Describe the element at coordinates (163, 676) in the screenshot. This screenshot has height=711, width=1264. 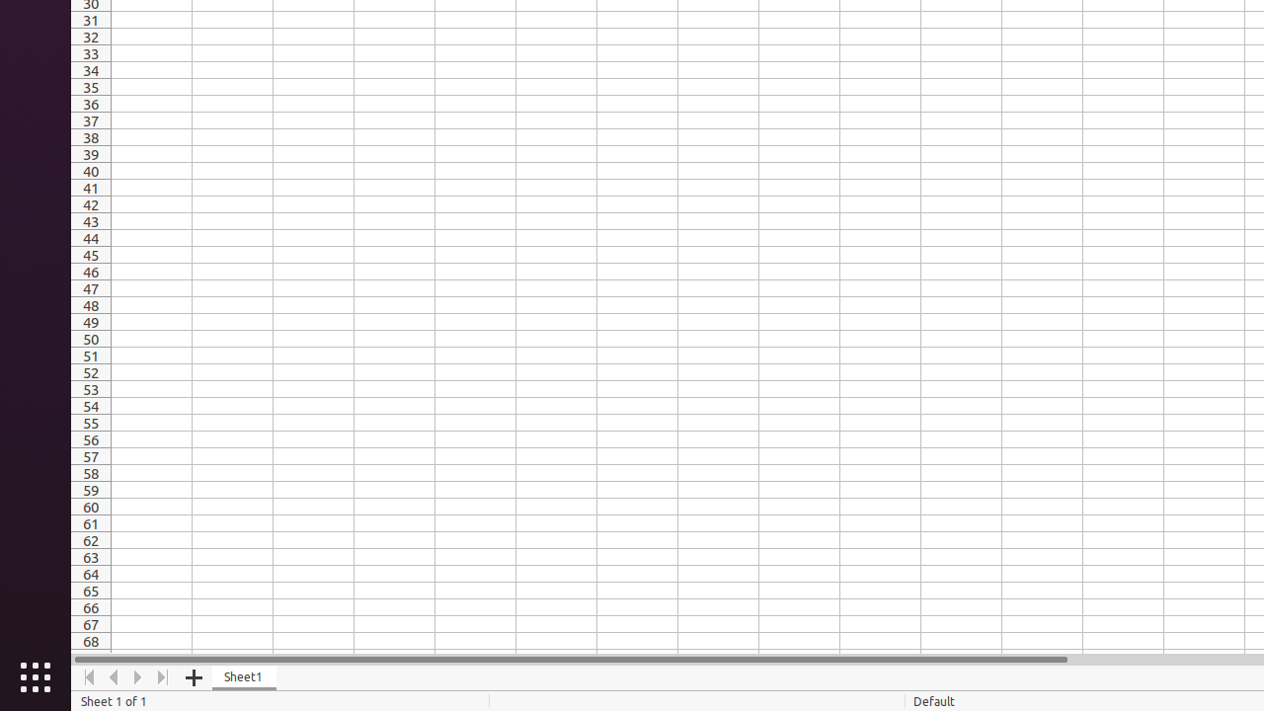
I see `'Move To End'` at that location.